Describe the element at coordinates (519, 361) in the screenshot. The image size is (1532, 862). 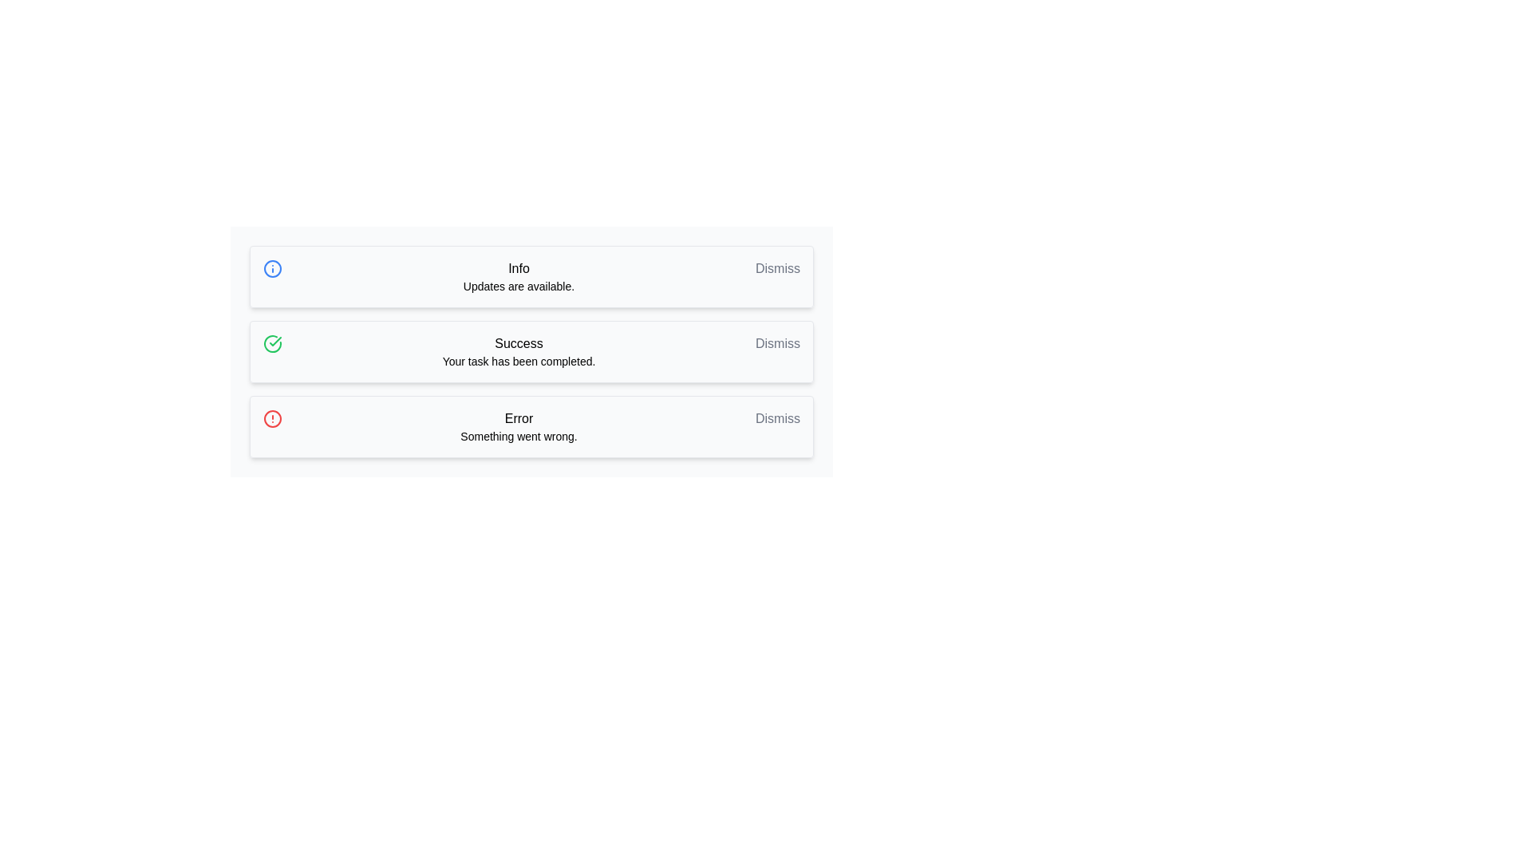
I see `the Text Label that confirms task completion, located in the second notification box below the 'Success' header` at that location.